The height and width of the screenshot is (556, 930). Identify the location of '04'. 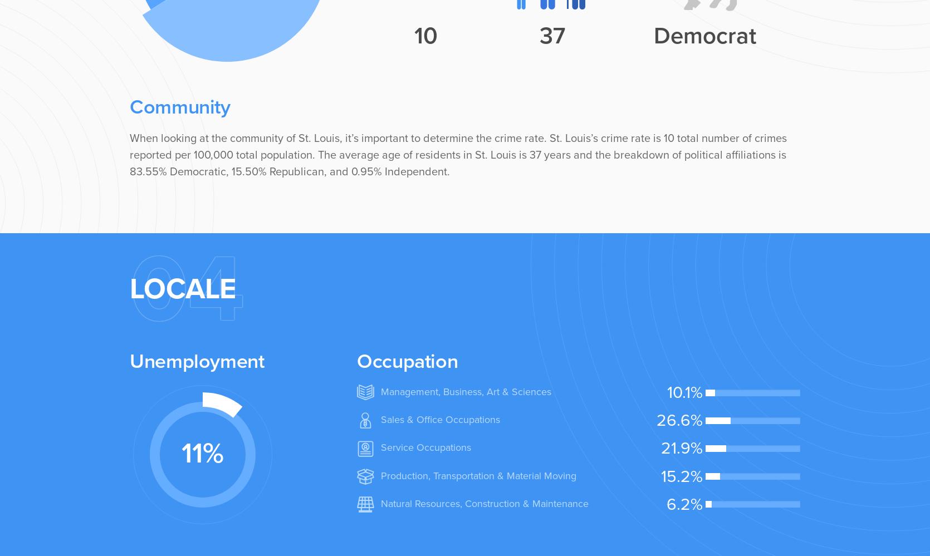
(187, 288).